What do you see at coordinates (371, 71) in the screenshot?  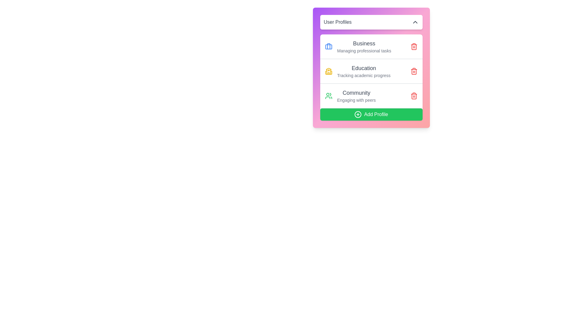 I see `the second list item titled 'Education' with a yellow school icon and a red delete icon` at bounding box center [371, 71].